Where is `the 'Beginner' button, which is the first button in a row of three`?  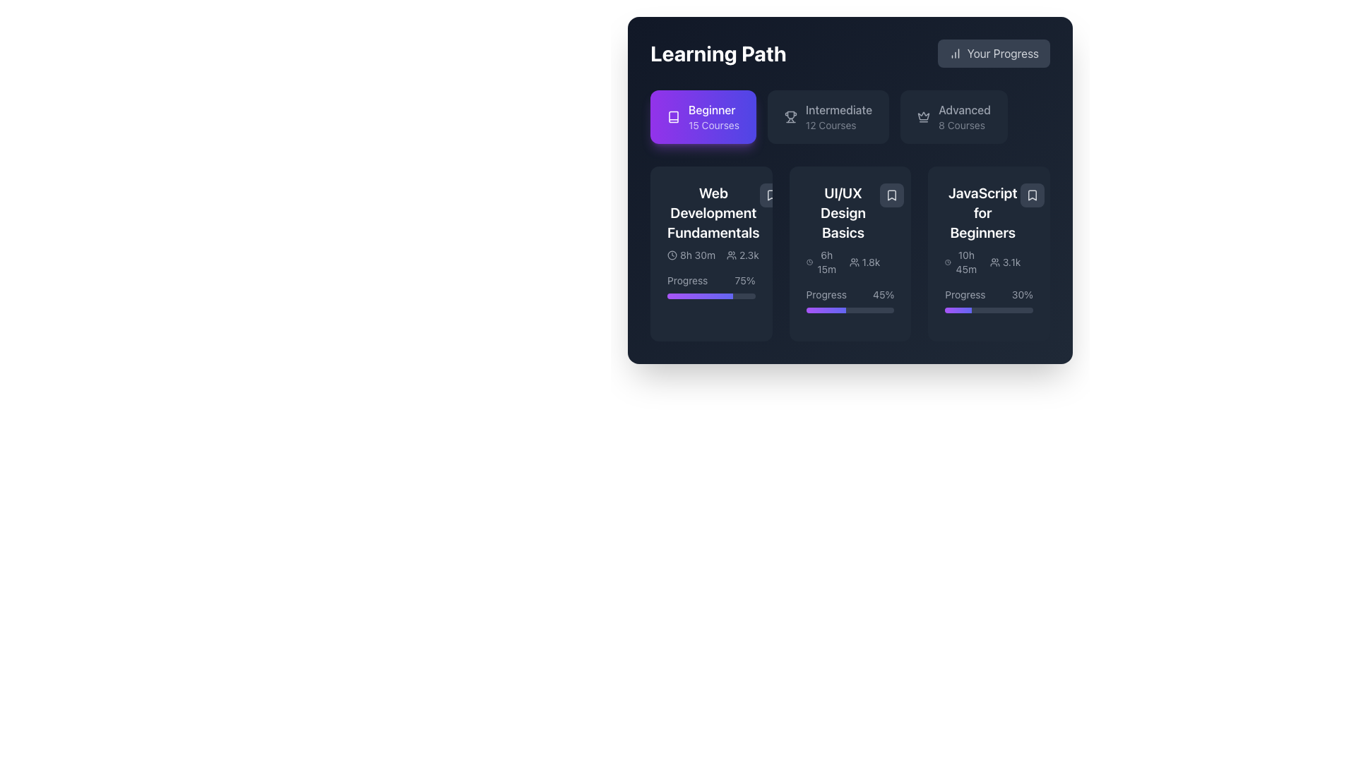
the 'Beginner' button, which is the first button in a row of three is located at coordinates (703, 116).